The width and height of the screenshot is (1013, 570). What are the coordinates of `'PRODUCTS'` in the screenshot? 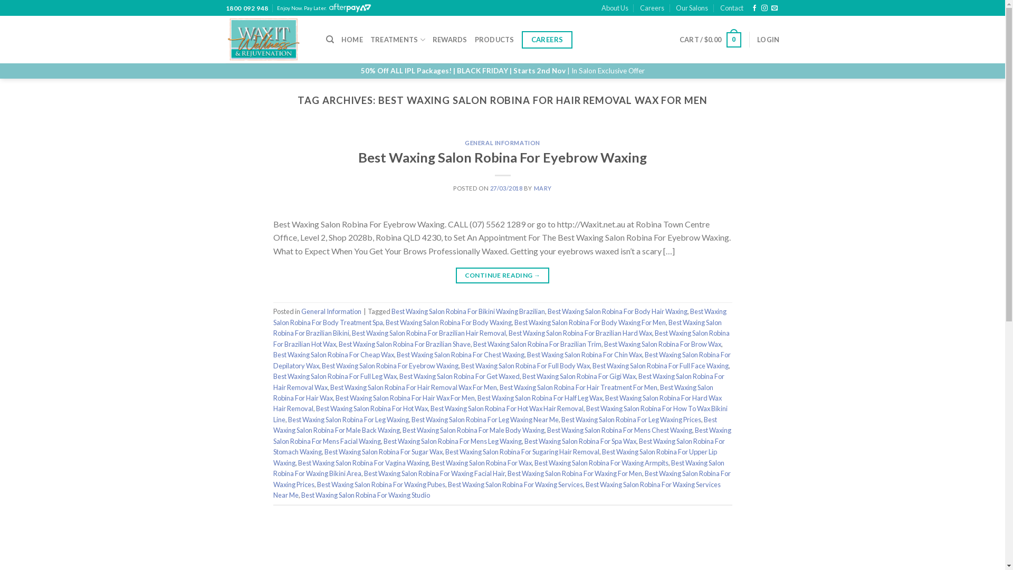 It's located at (494, 39).